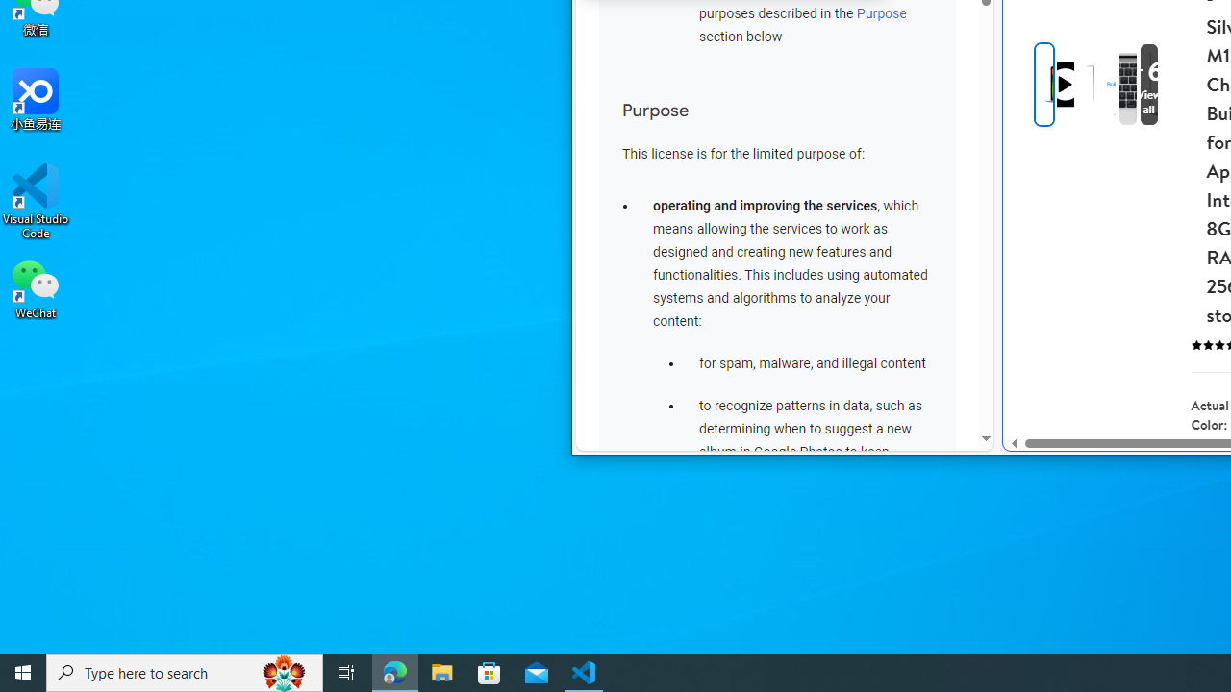  Describe the element at coordinates (490, 671) in the screenshot. I see `'Microsoft Store'` at that location.